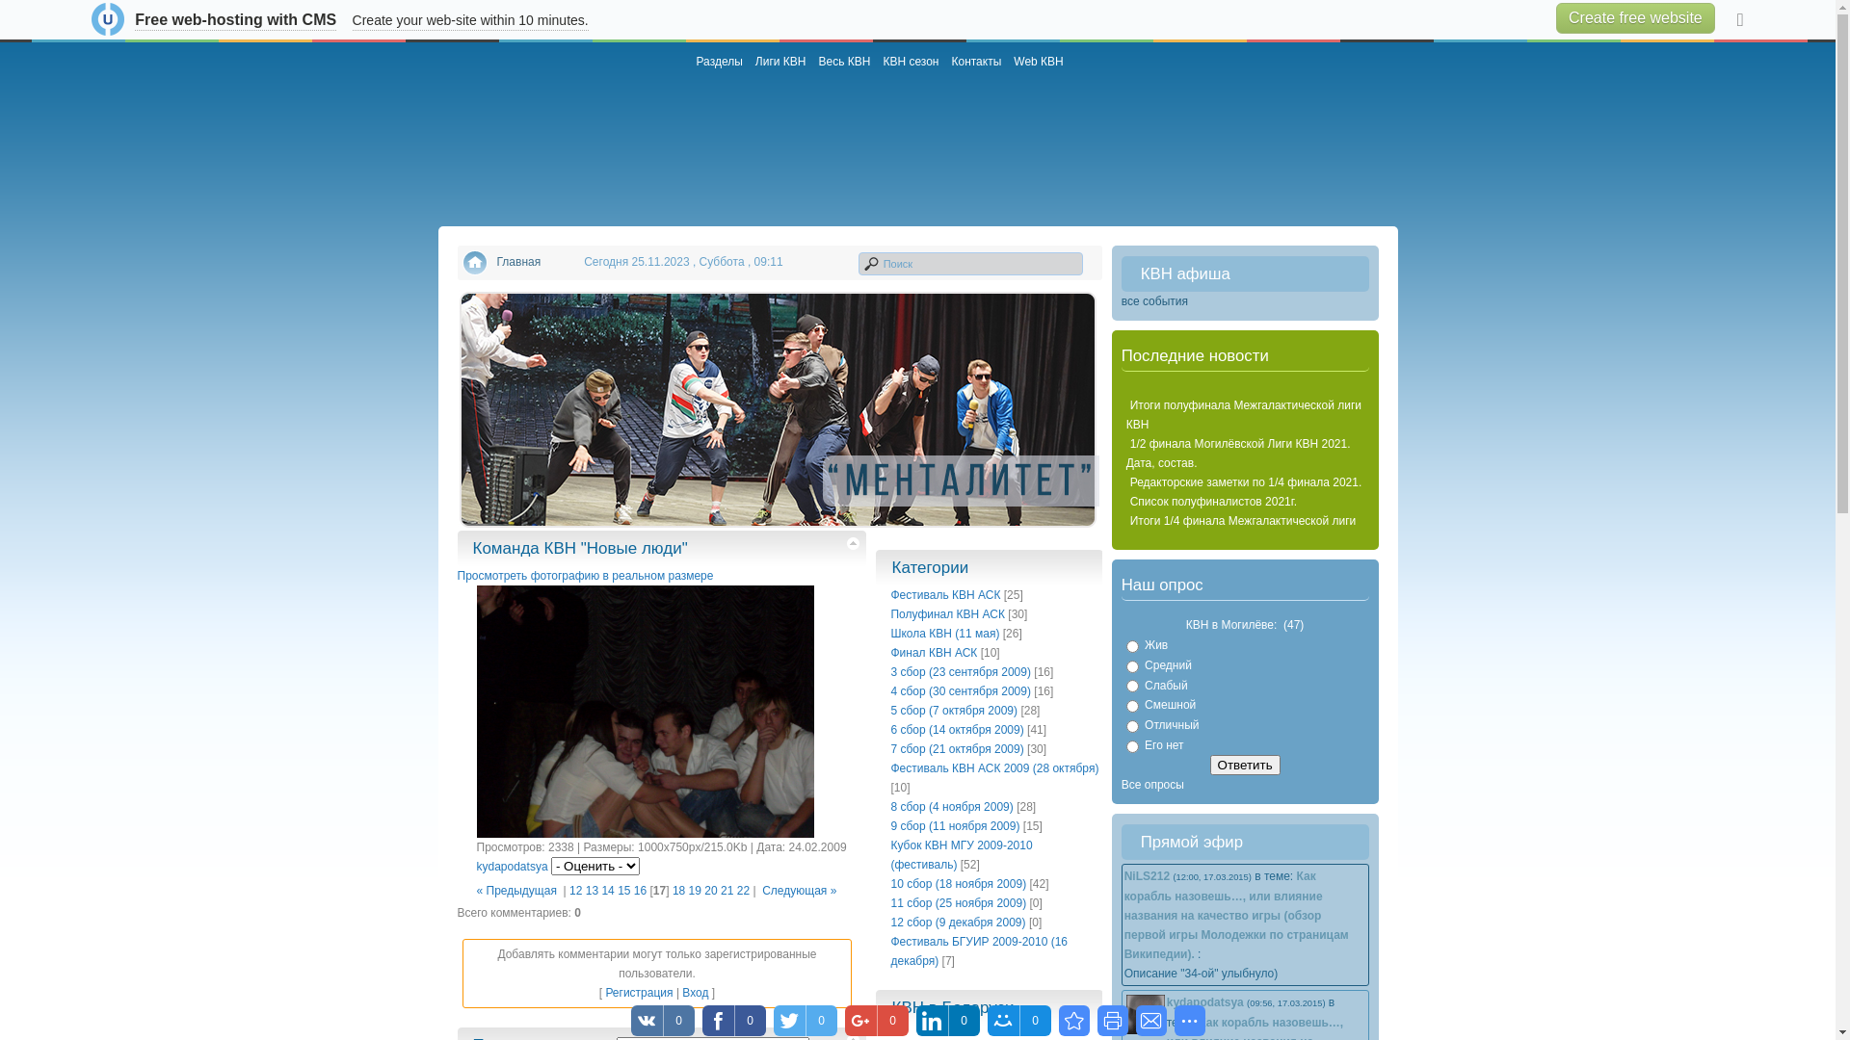 The width and height of the screenshot is (1850, 1040). I want to click on '12', so click(574, 891).